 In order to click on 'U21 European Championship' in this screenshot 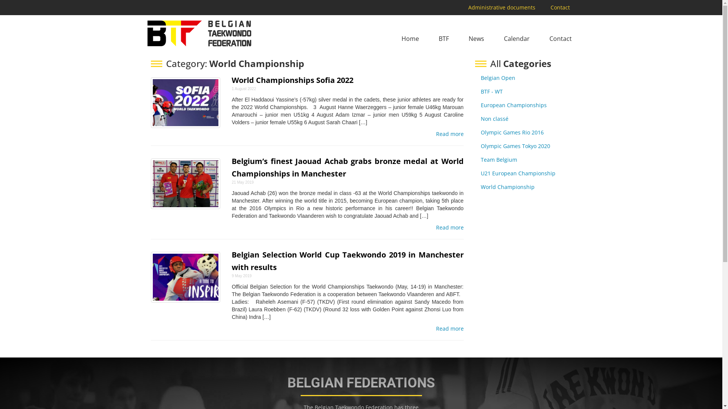, I will do `click(518, 173)`.